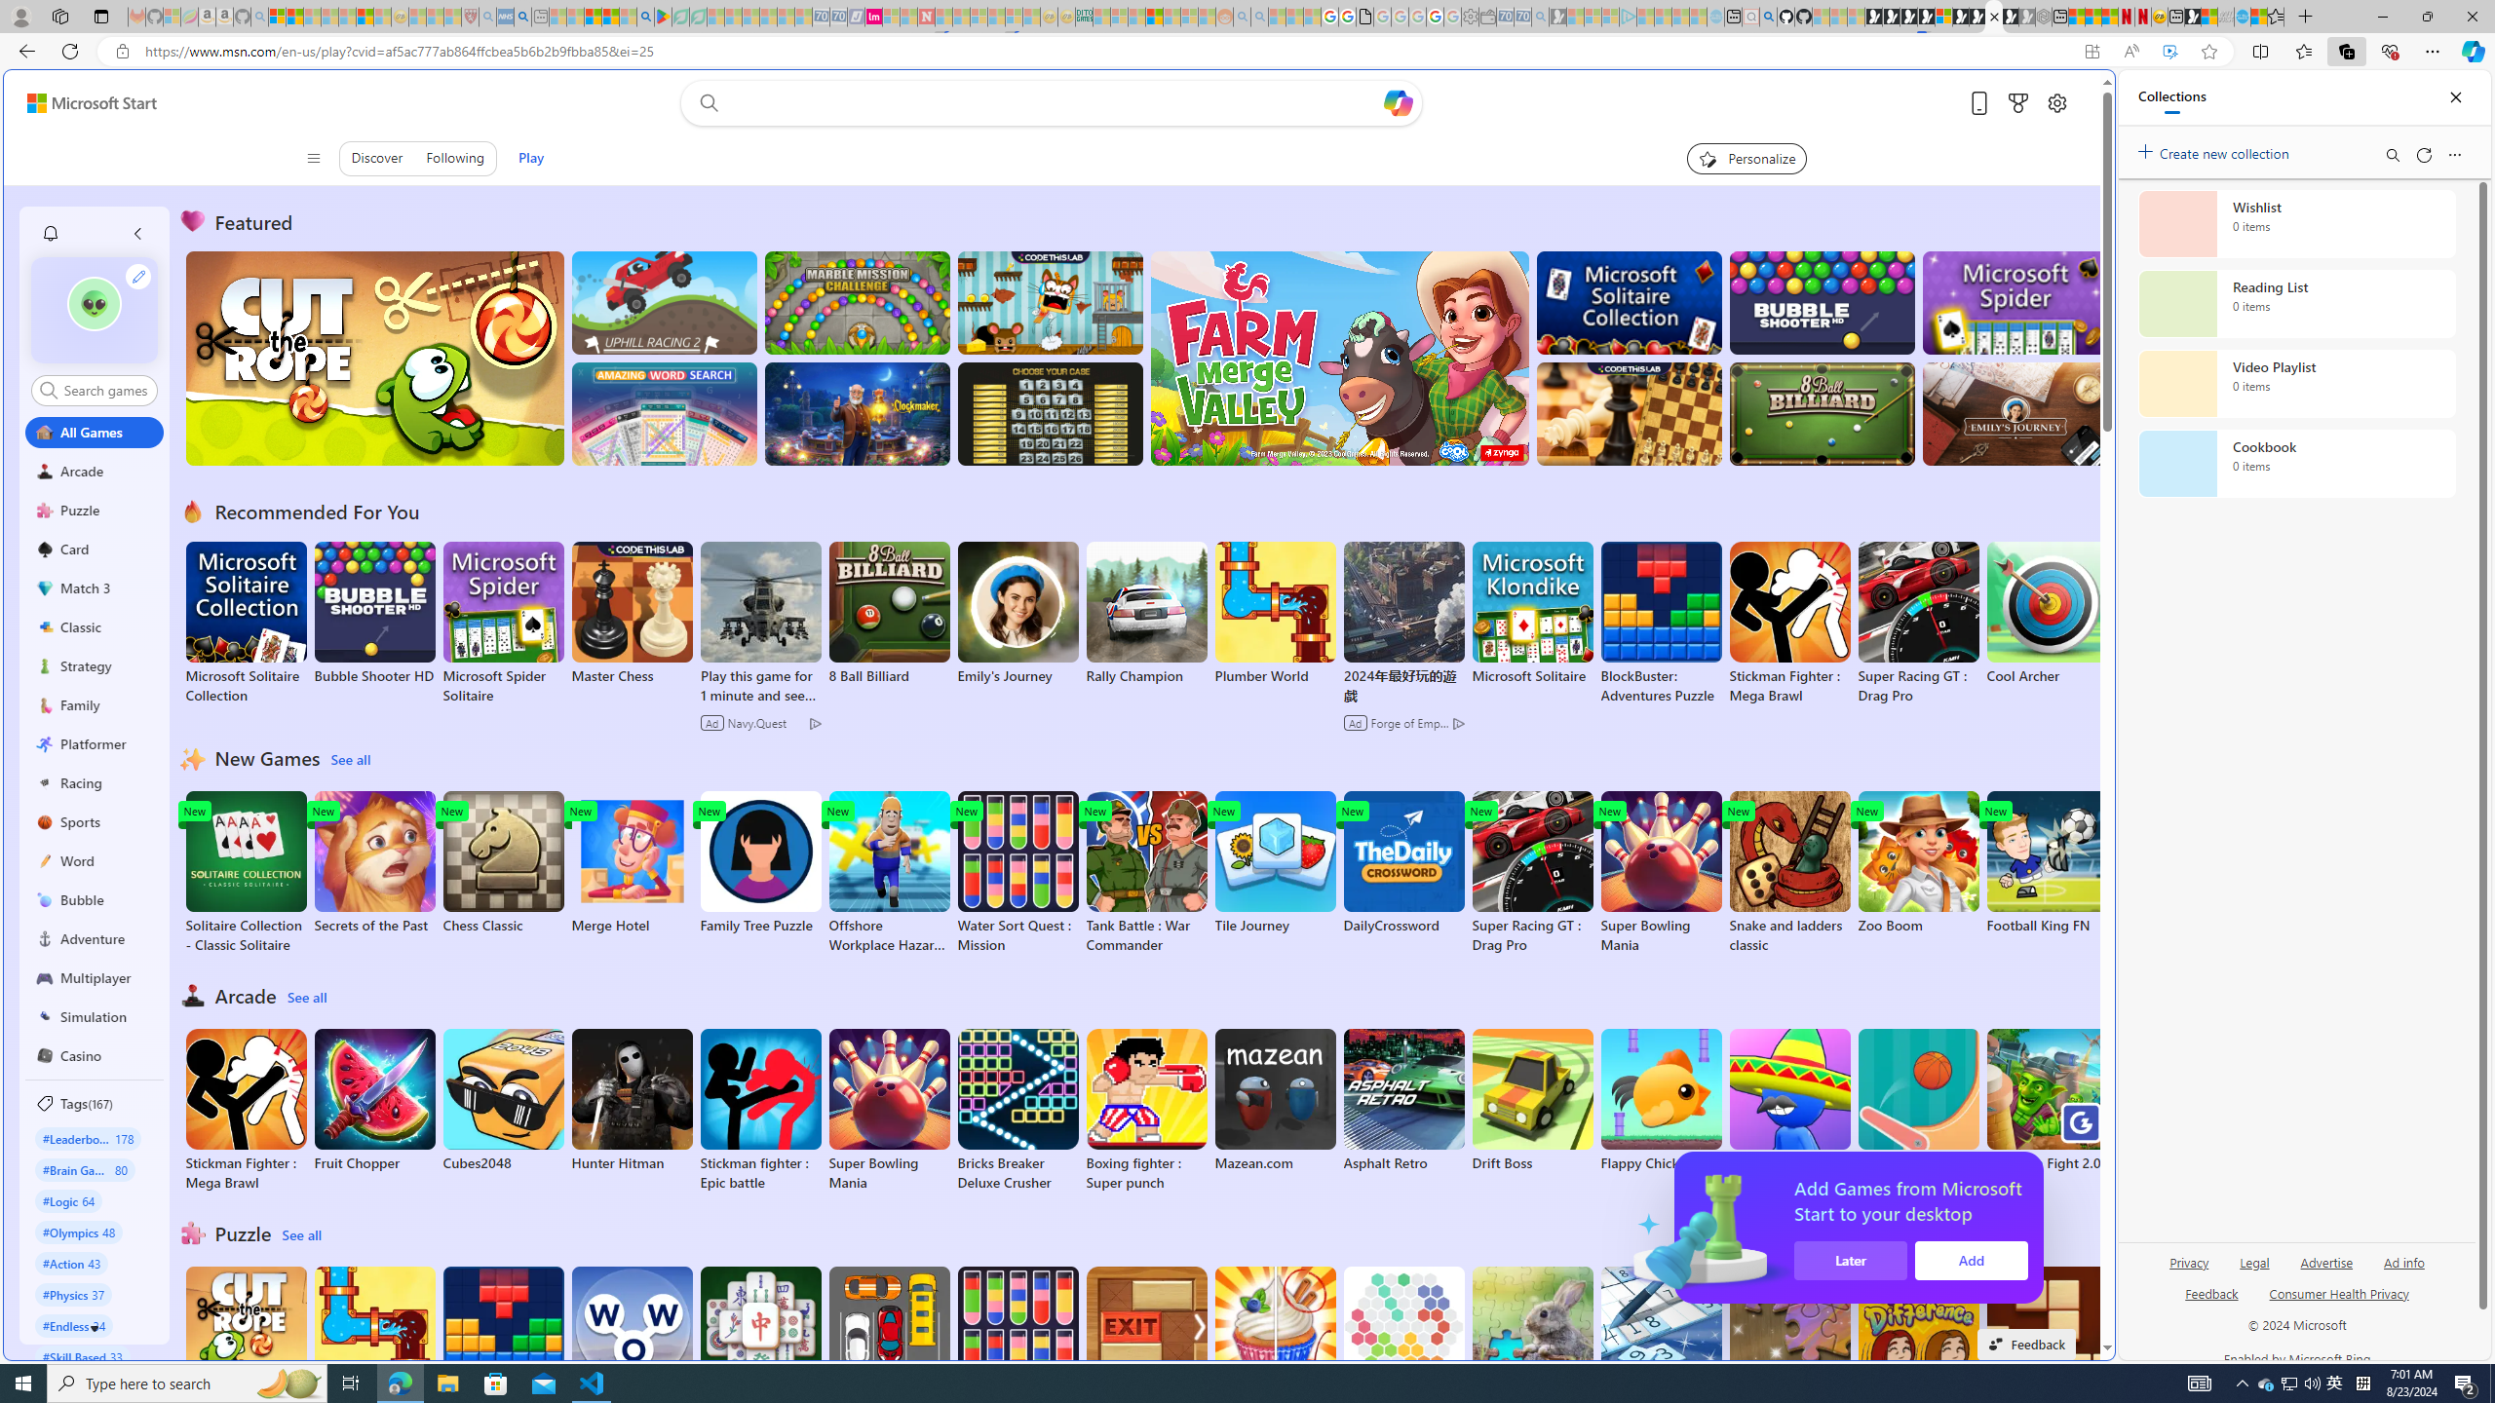 Image resolution: width=2495 pixels, height=1403 pixels. What do you see at coordinates (1056, 101) in the screenshot?
I see `'Enter your search term'` at bounding box center [1056, 101].